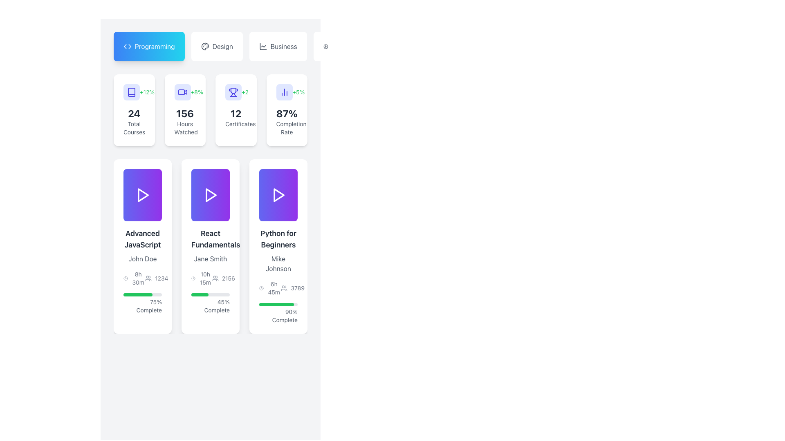 The image size is (785, 441). I want to click on the informational display component that shows course duration ('8h 30m') and number of participants ('1234') within the 'Advanced JavaScript' card, located above the progress bar labeled '75% Complete', so click(143, 278).